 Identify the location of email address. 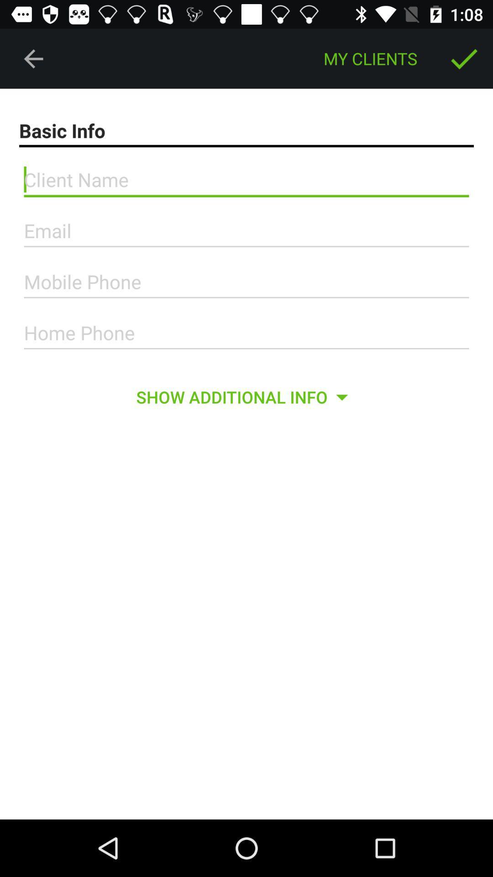
(246, 231).